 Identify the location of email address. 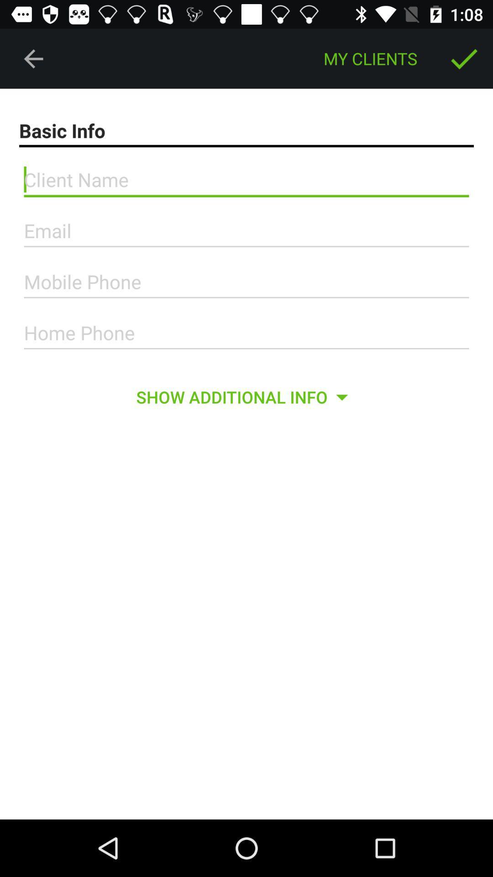
(246, 231).